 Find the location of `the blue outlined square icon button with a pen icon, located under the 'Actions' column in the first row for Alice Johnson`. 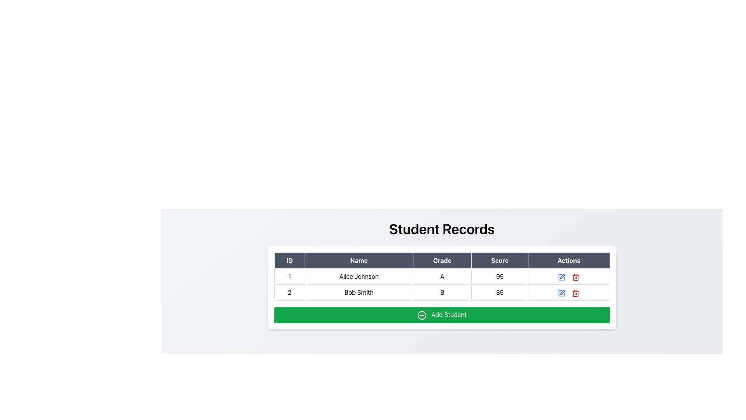

the blue outlined square icon button with a pen icon, located under the 'Actions' column in the first row for Alice Johnson is located at coordinates (562, 276).